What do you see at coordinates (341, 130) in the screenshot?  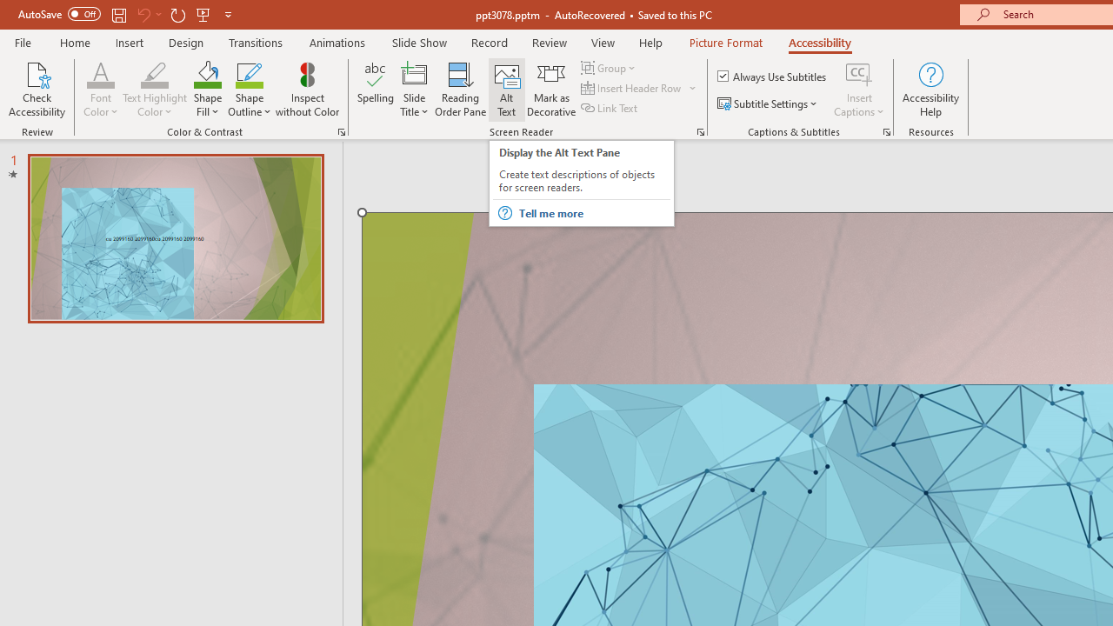 I see `'Color & Contrast'` at bounding box center [341, 130].